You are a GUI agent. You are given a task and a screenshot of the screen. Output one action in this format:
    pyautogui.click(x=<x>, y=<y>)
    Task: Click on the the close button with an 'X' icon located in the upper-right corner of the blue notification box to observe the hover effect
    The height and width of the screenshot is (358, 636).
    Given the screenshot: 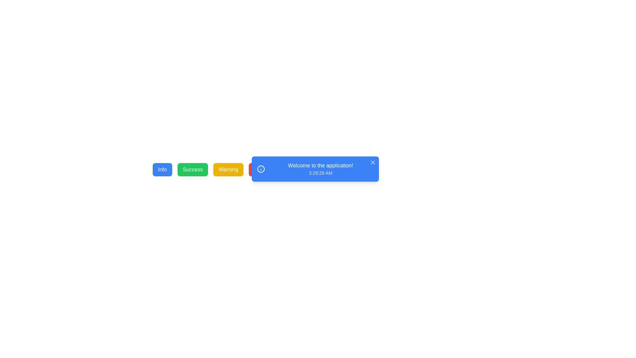 What is the action you would take?
    pyautogui.click(x=373, y=162)
    